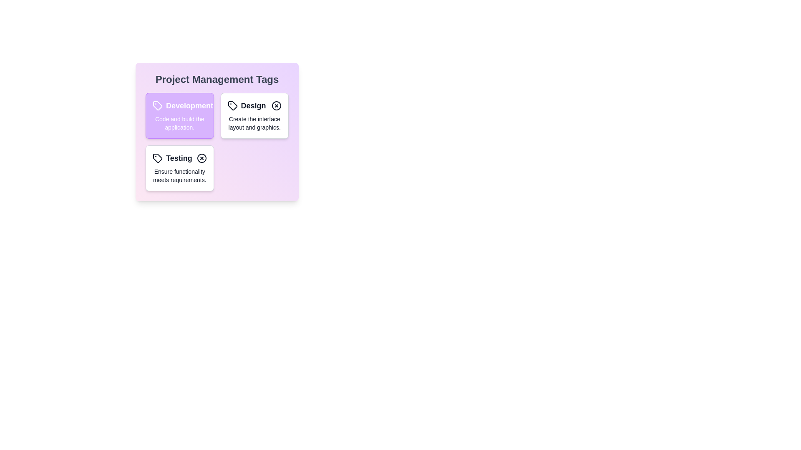 This screenshot has width=801, height=450. What do you see at coordinates (179, 168) in the screenshot?
I see `the Testing tag to toggle its active state` at bounding box center [179, 168].